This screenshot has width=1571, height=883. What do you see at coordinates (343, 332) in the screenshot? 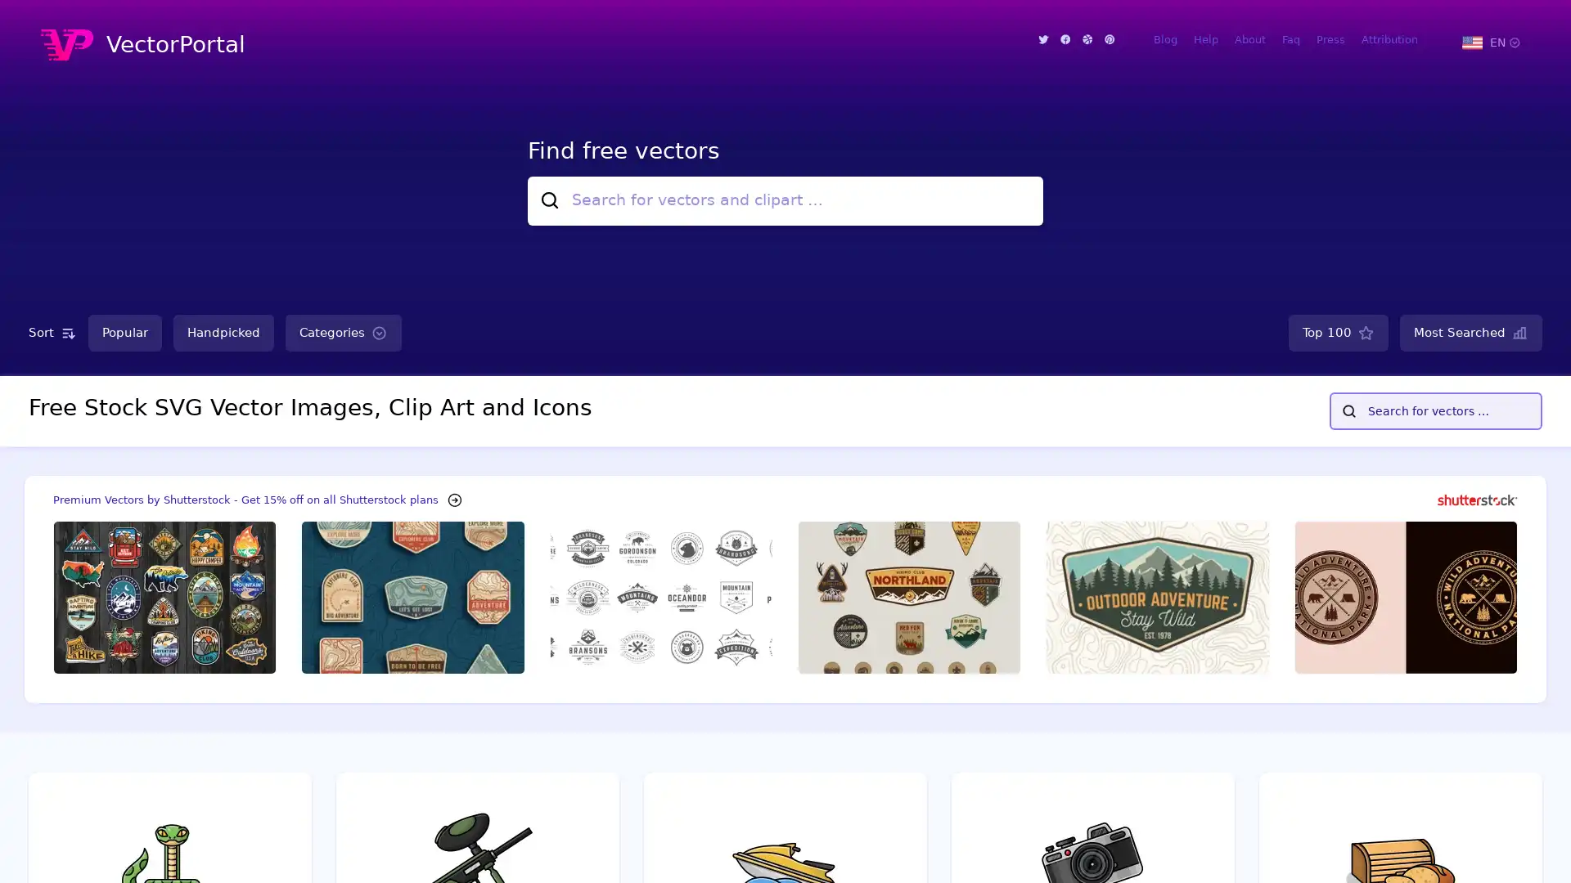
I see `Categories` at bounding box center [343, 332].